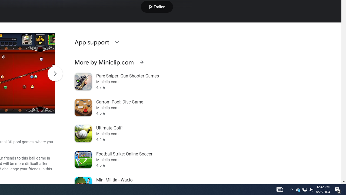 The height and width of the screenshot is (195, 346). I want to click on 'Expand', so click(117, 42).